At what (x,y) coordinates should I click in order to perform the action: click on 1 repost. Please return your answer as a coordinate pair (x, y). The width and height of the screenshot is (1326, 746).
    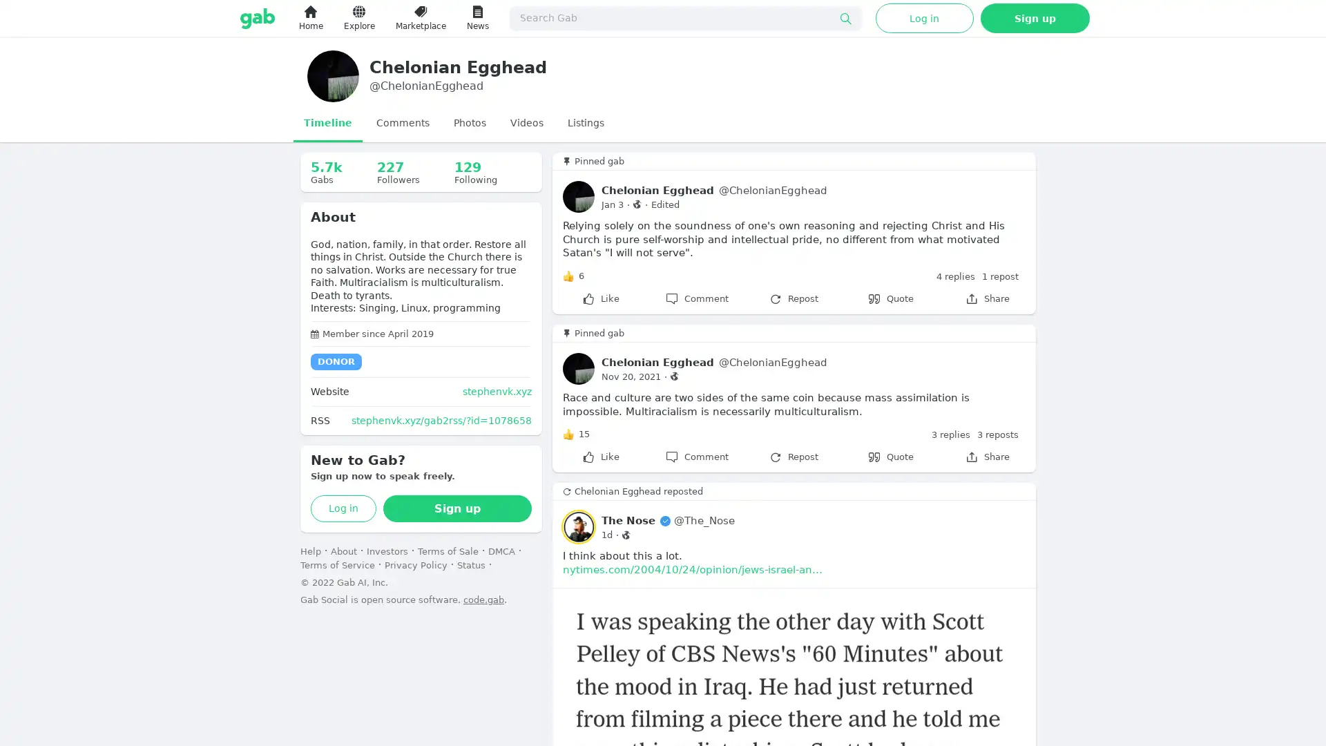
    Looking at the image, I should click on (1000, 276).